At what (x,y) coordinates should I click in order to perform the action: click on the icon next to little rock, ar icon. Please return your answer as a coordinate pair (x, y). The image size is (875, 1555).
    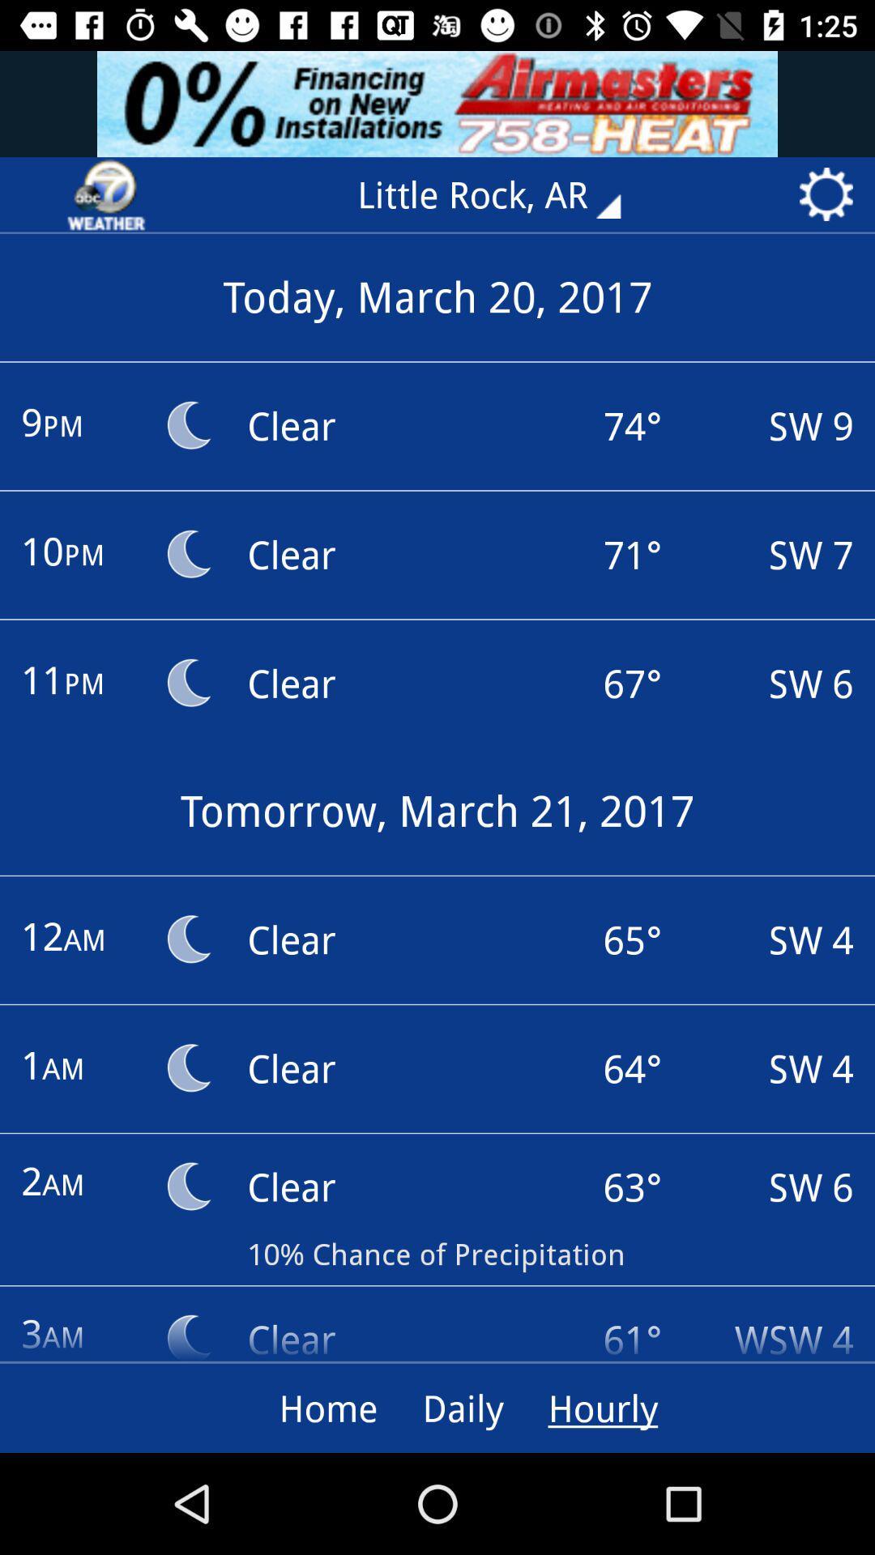
    Looking at the image, I should click on (106, 194).